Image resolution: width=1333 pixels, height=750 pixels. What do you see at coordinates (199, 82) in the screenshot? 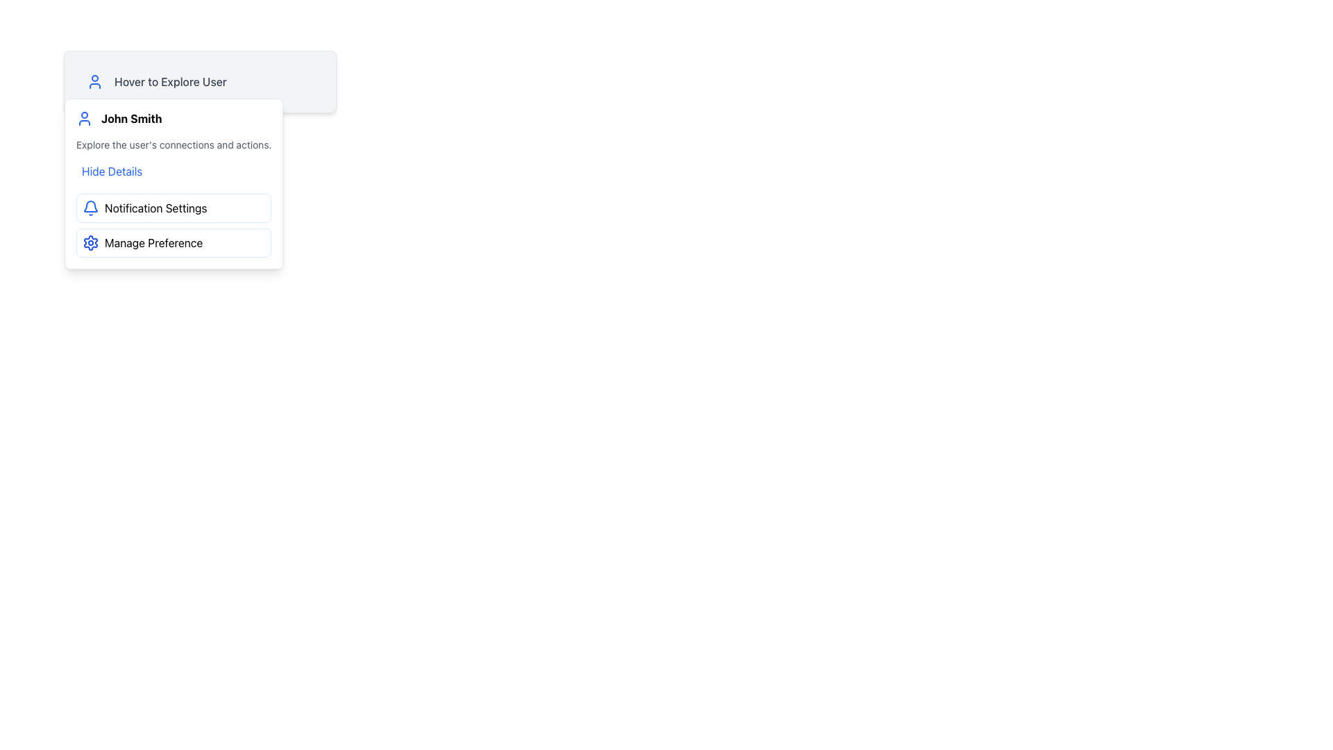
I see `the Header Section with Icon and Text that has a blue user icon and bold text reading 'Hover` at bounding box center [199, 82].